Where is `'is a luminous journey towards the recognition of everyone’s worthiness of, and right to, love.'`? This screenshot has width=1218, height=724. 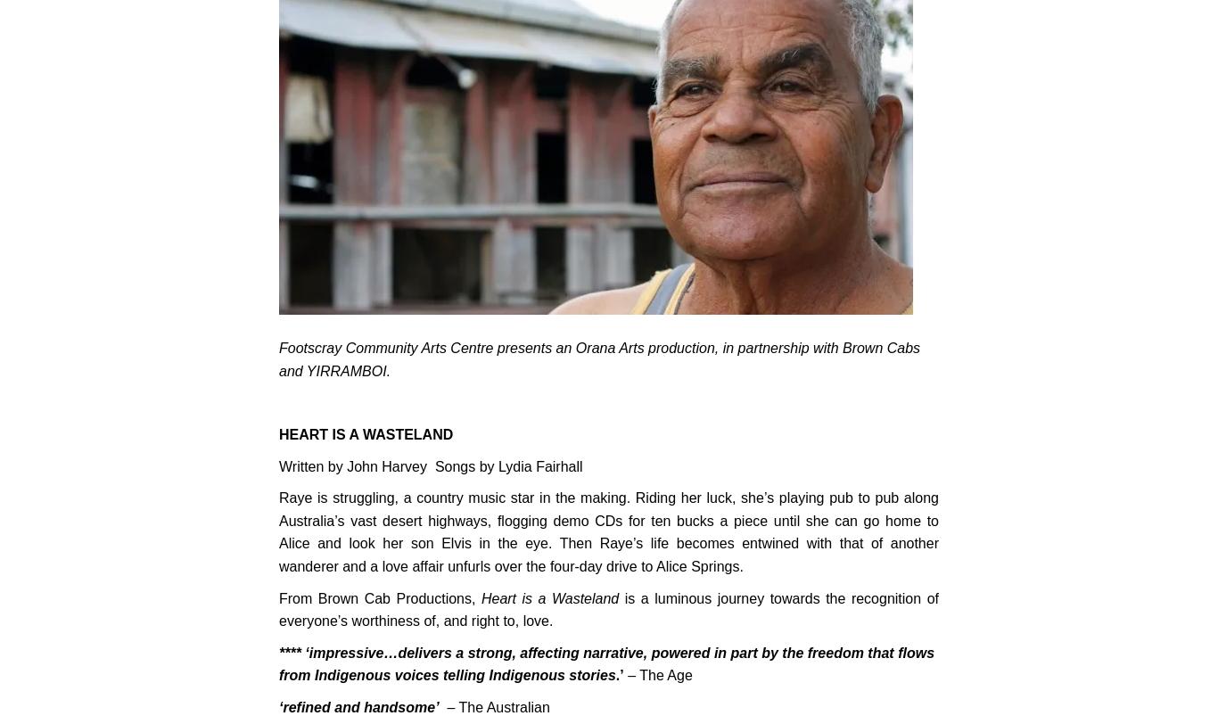
'is a luminous journey towards the recognition of everyone’s worthiness of, and right to, love.' is located at coordinates (278, 609).